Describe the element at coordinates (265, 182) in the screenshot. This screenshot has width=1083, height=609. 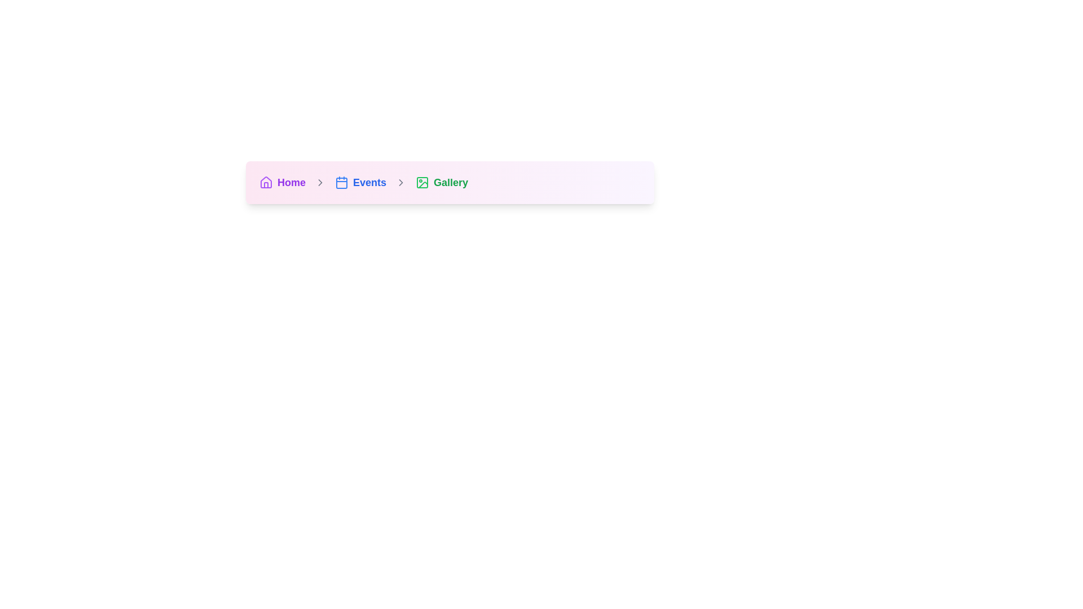
I see `the home section icon in the breadcrumb navigation, located at the beginning of the horizontal breadcrumb bar` at that location.